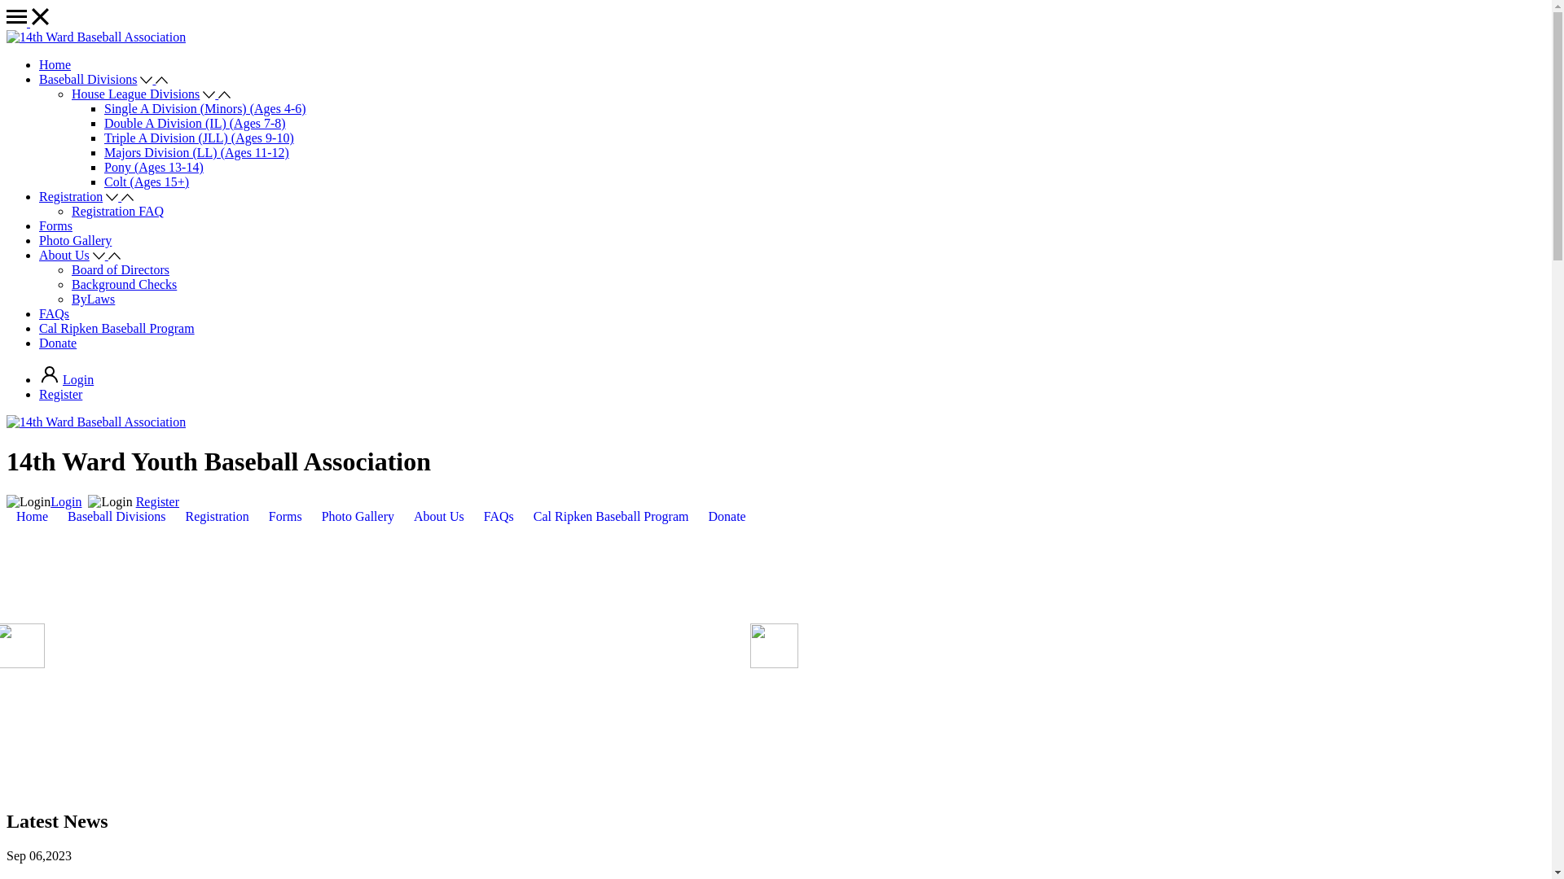 This screenshot has width=1564, height=879. Describe the element at coordinates (77, 379) in the screenshot. I see `'Login'` at that location.